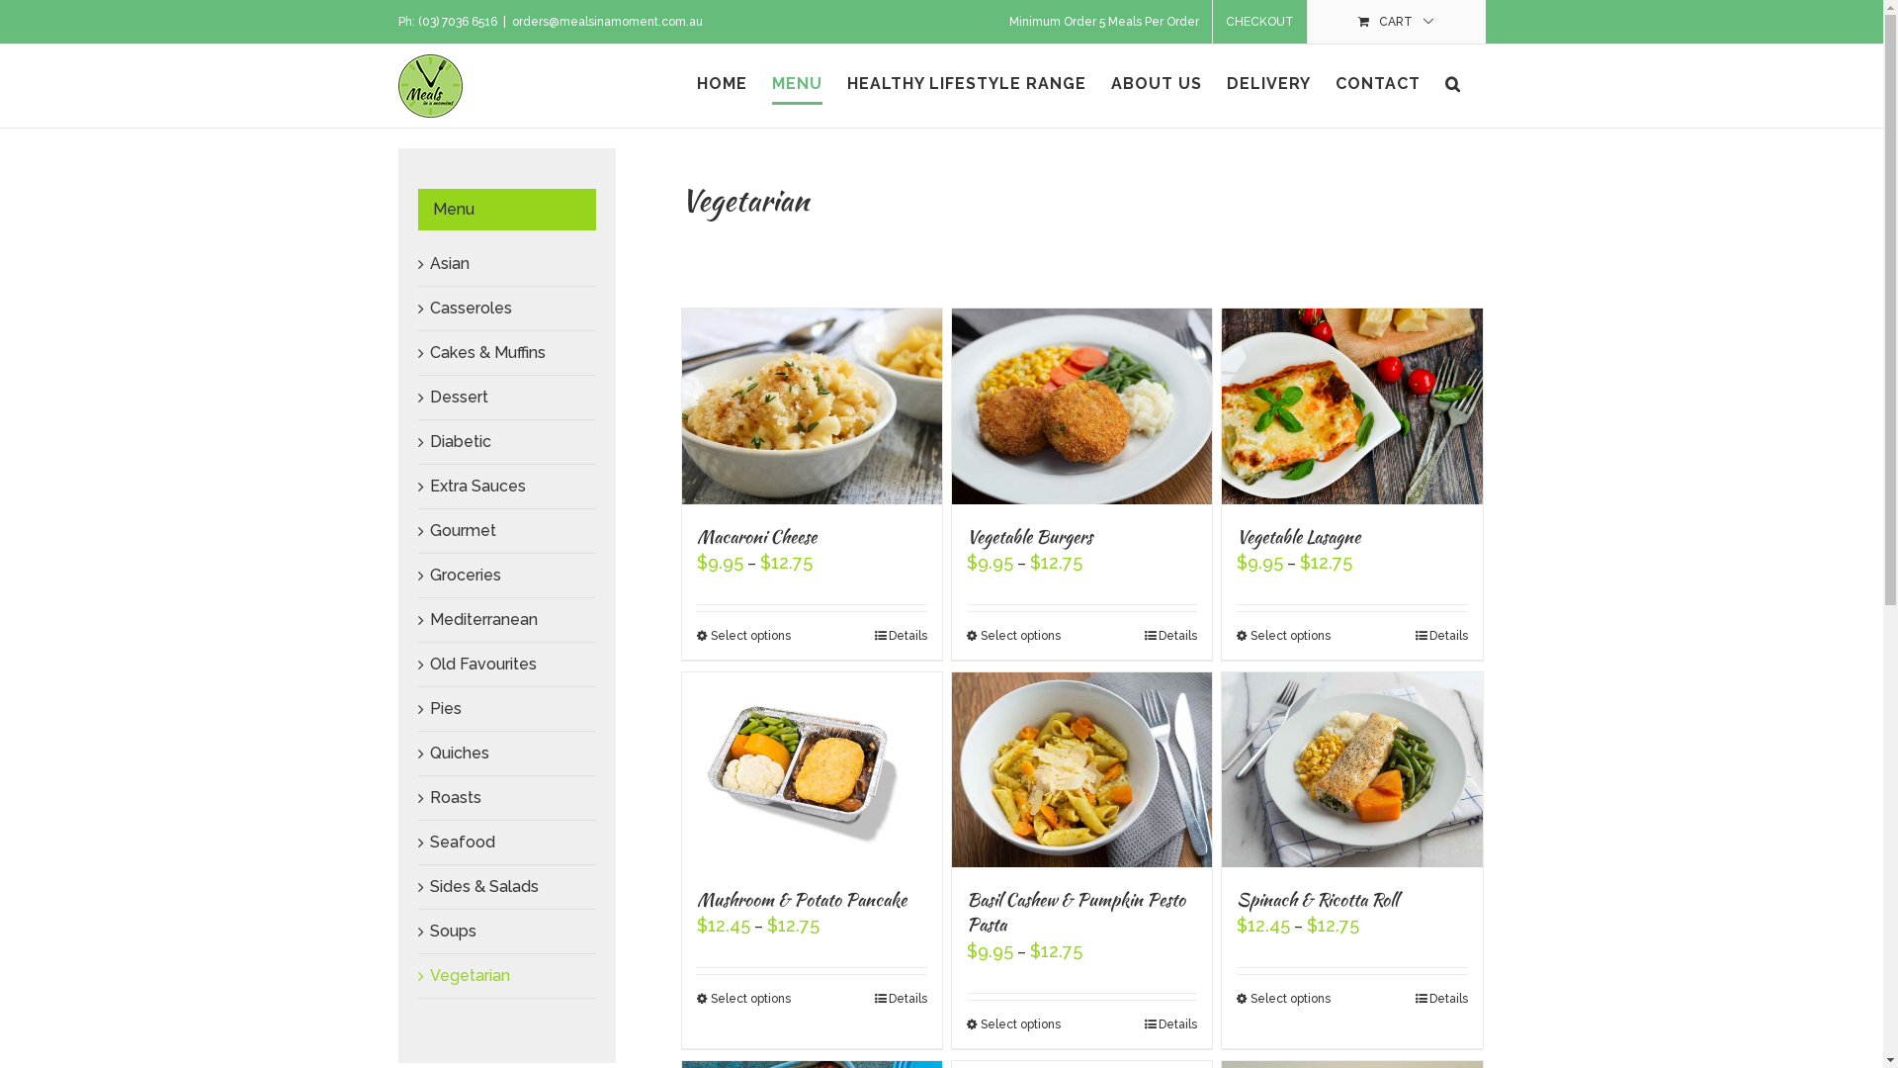 The image size is (1898, 1068). What do you see at coordinates (741, 999) in the screenshot?
I see `'Select options'` at bounding box center [741, 999].